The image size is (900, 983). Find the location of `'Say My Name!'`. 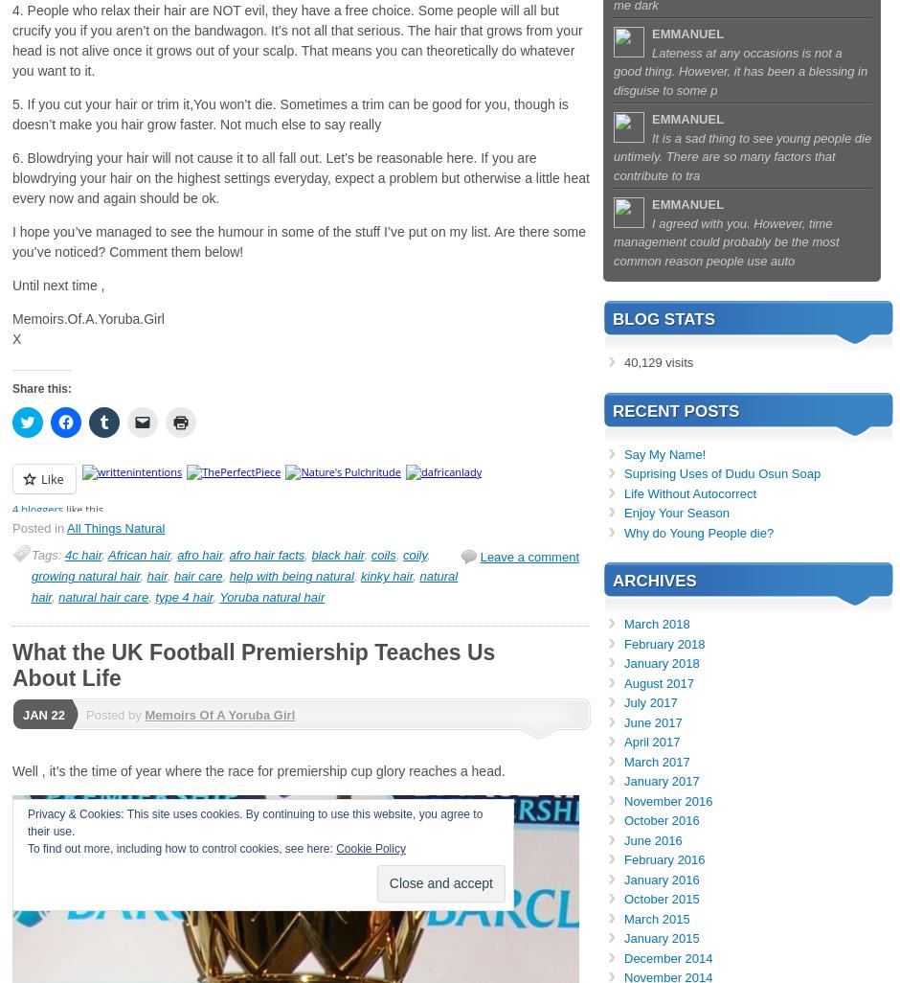

'Say My Name!' is located at coordinates (664, 452).